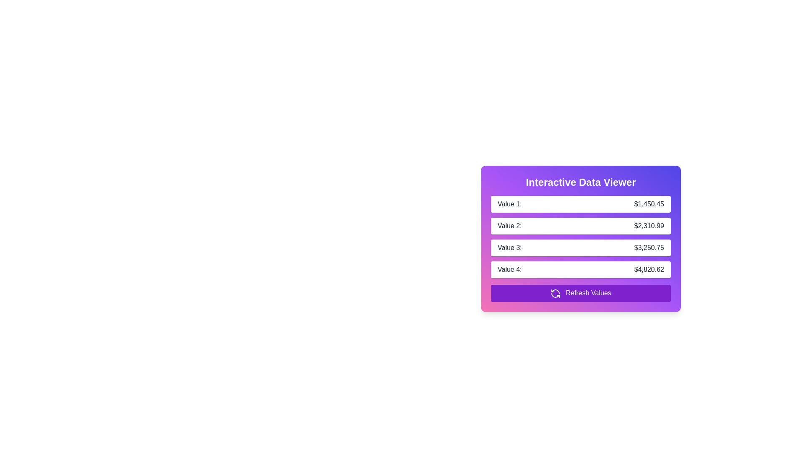  Describe the element at coordinates (580, 270) in the screenshot. I see `the Data Row element displaying 'Value 4:' and '$4,820.62' in the Interactive Data Viewer, which has a white background and rounded corners` at that location.